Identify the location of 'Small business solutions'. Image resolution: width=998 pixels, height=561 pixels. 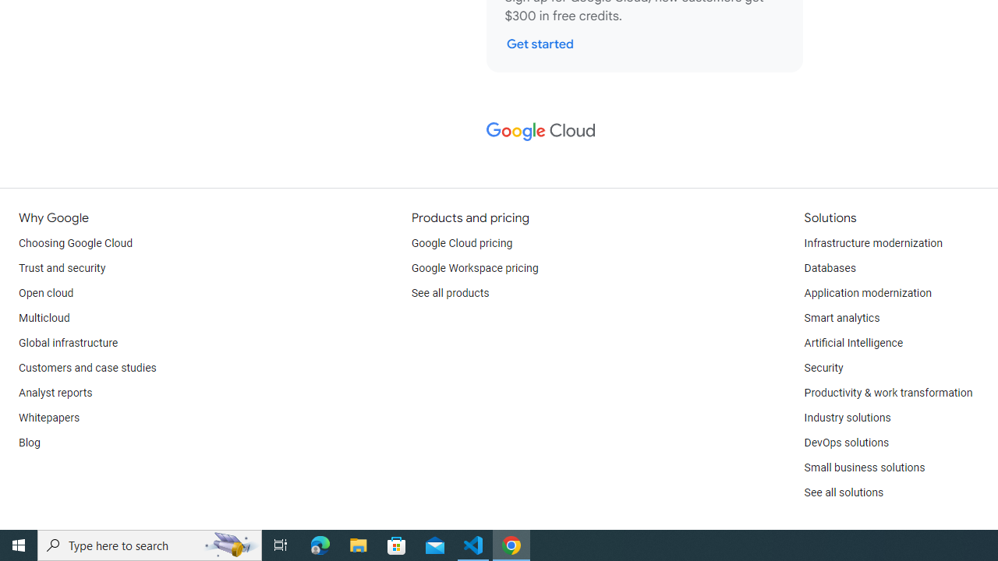
(863, 467).